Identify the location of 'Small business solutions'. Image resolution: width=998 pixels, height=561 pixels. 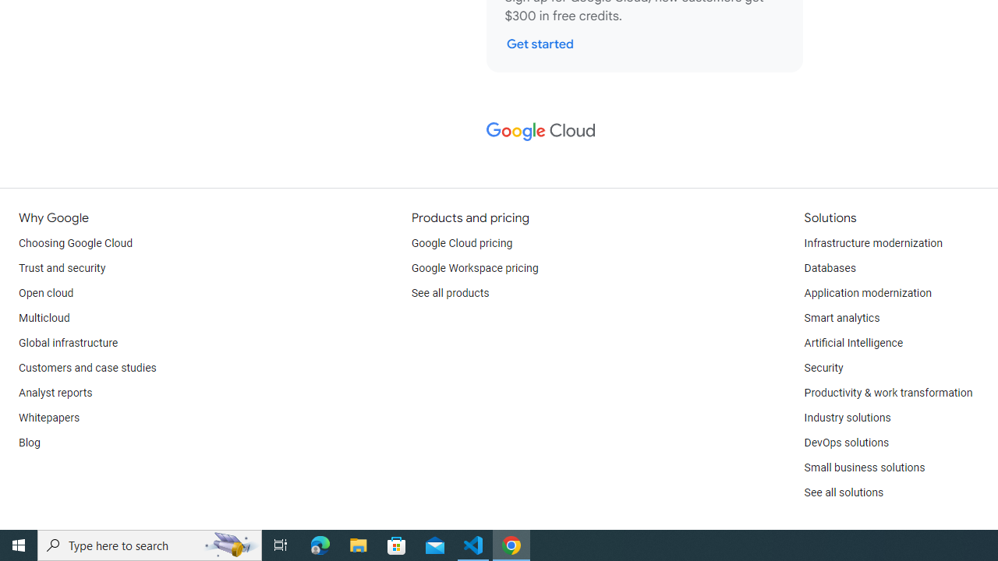
(863, 467).